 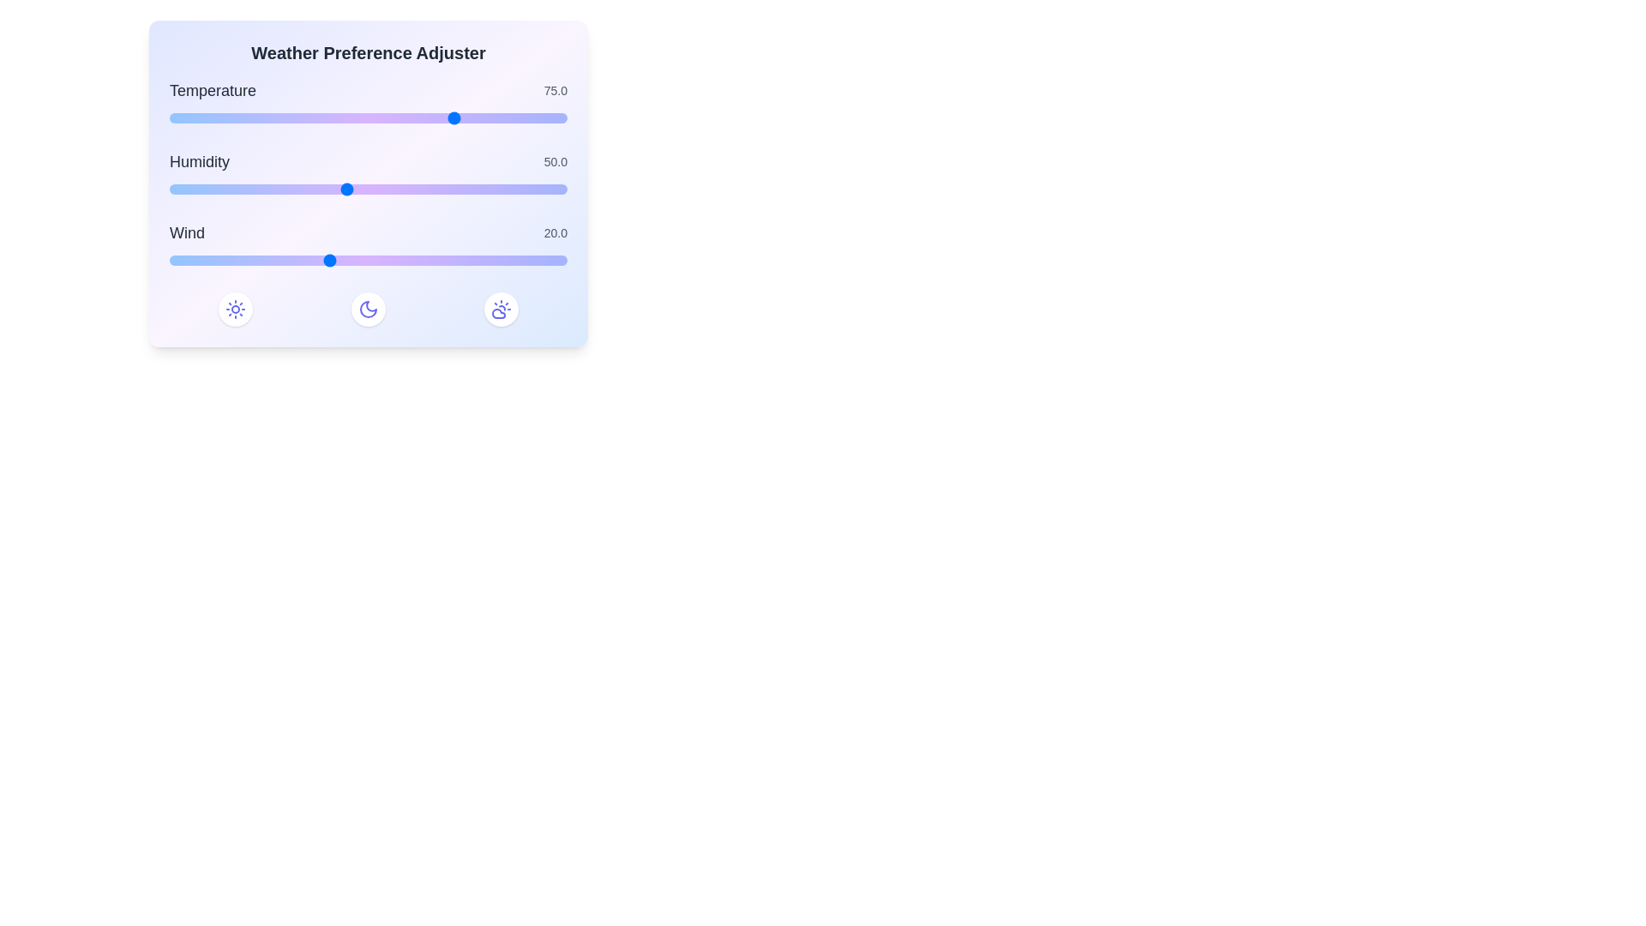 I want to click on the temperature, so click(x=201, y=117).